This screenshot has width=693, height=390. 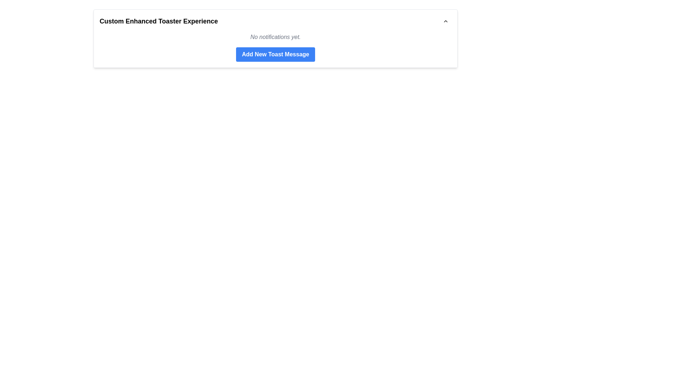 I want to click on text from the title or header Text Label located at the top-left corner of the interface, so click(x=158, y=21).